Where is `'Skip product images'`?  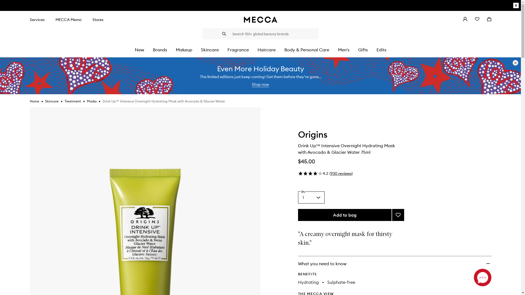
'Skip product images' is located at coordinates (29, 107).